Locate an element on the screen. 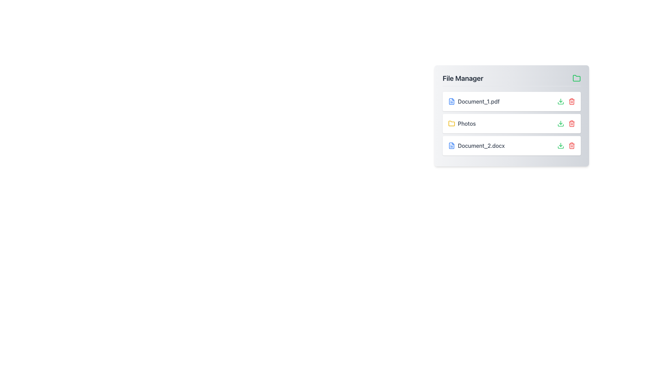 The image size is (663, 373). the red trash can icon in the document listing interface is located at coordinates (566, 145).